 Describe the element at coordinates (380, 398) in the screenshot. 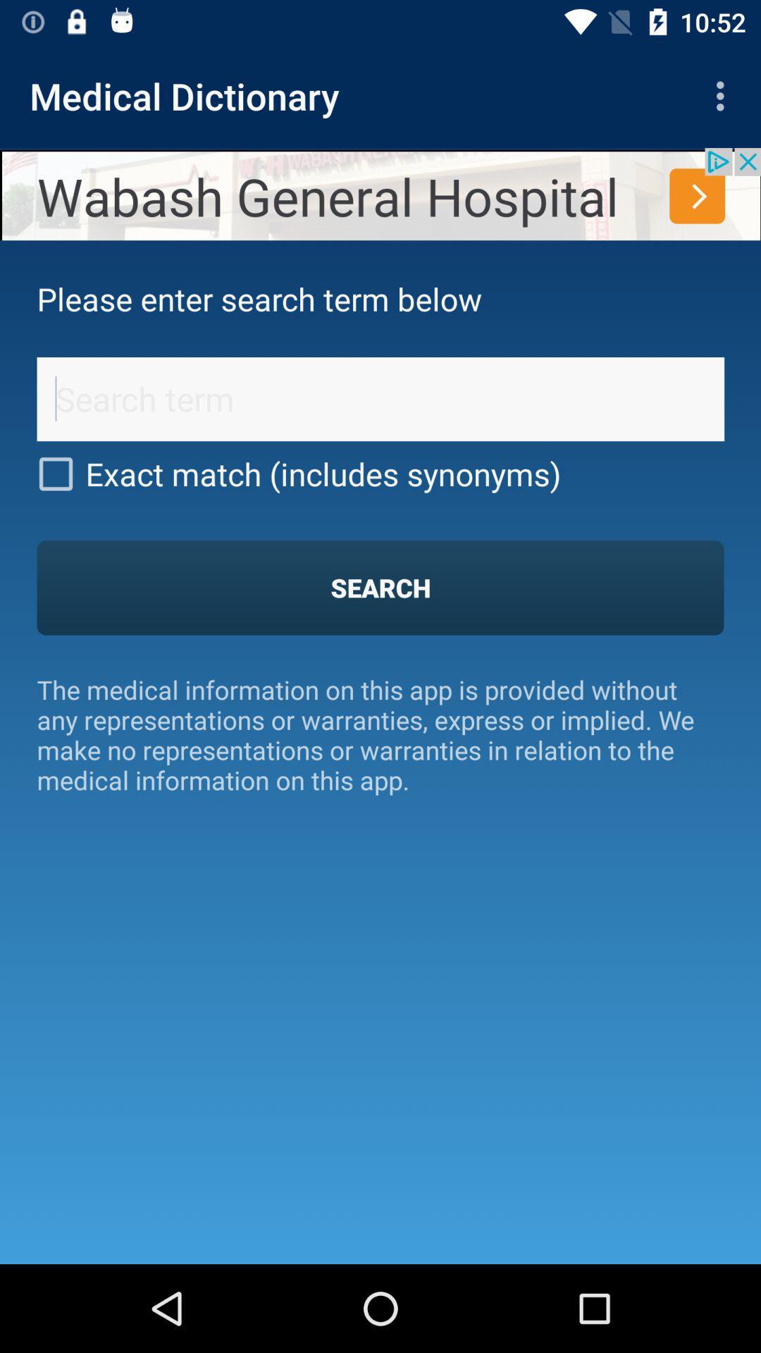

I see `type your search` at that location.